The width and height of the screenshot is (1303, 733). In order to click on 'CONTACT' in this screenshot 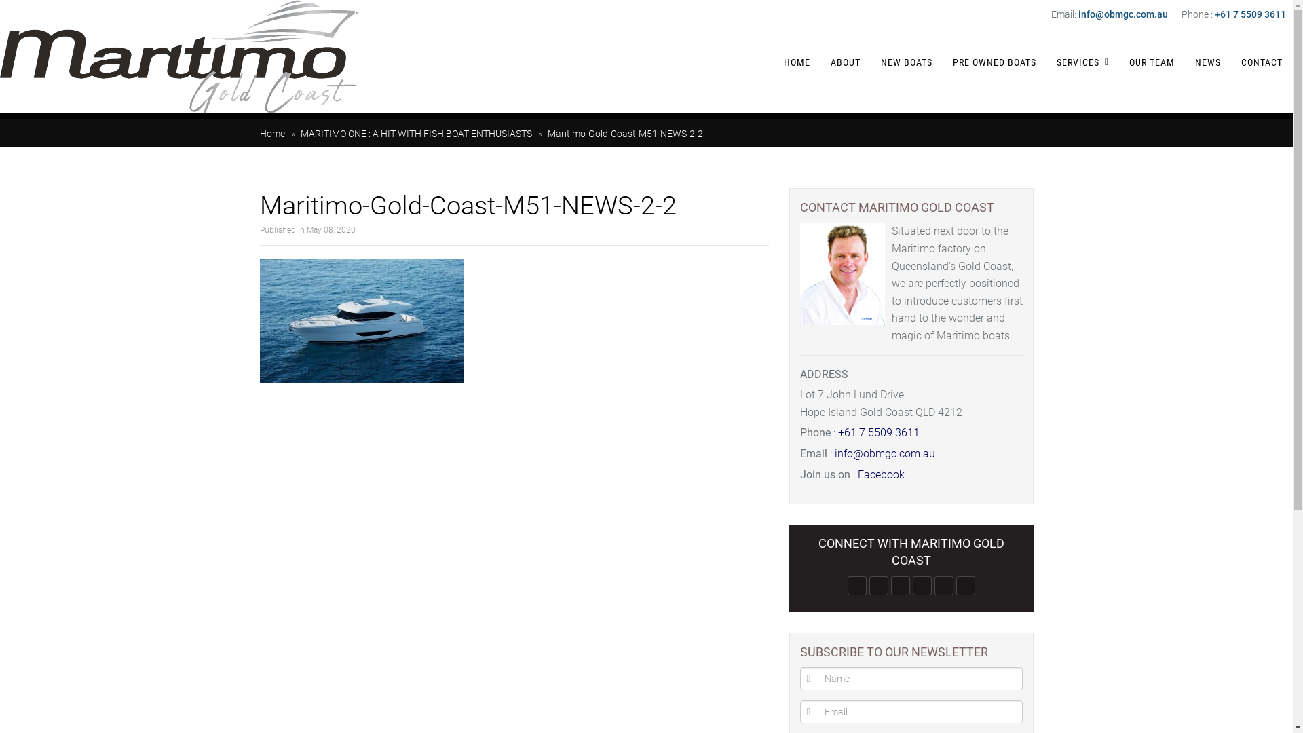, I will do `click(1261, 62)`.